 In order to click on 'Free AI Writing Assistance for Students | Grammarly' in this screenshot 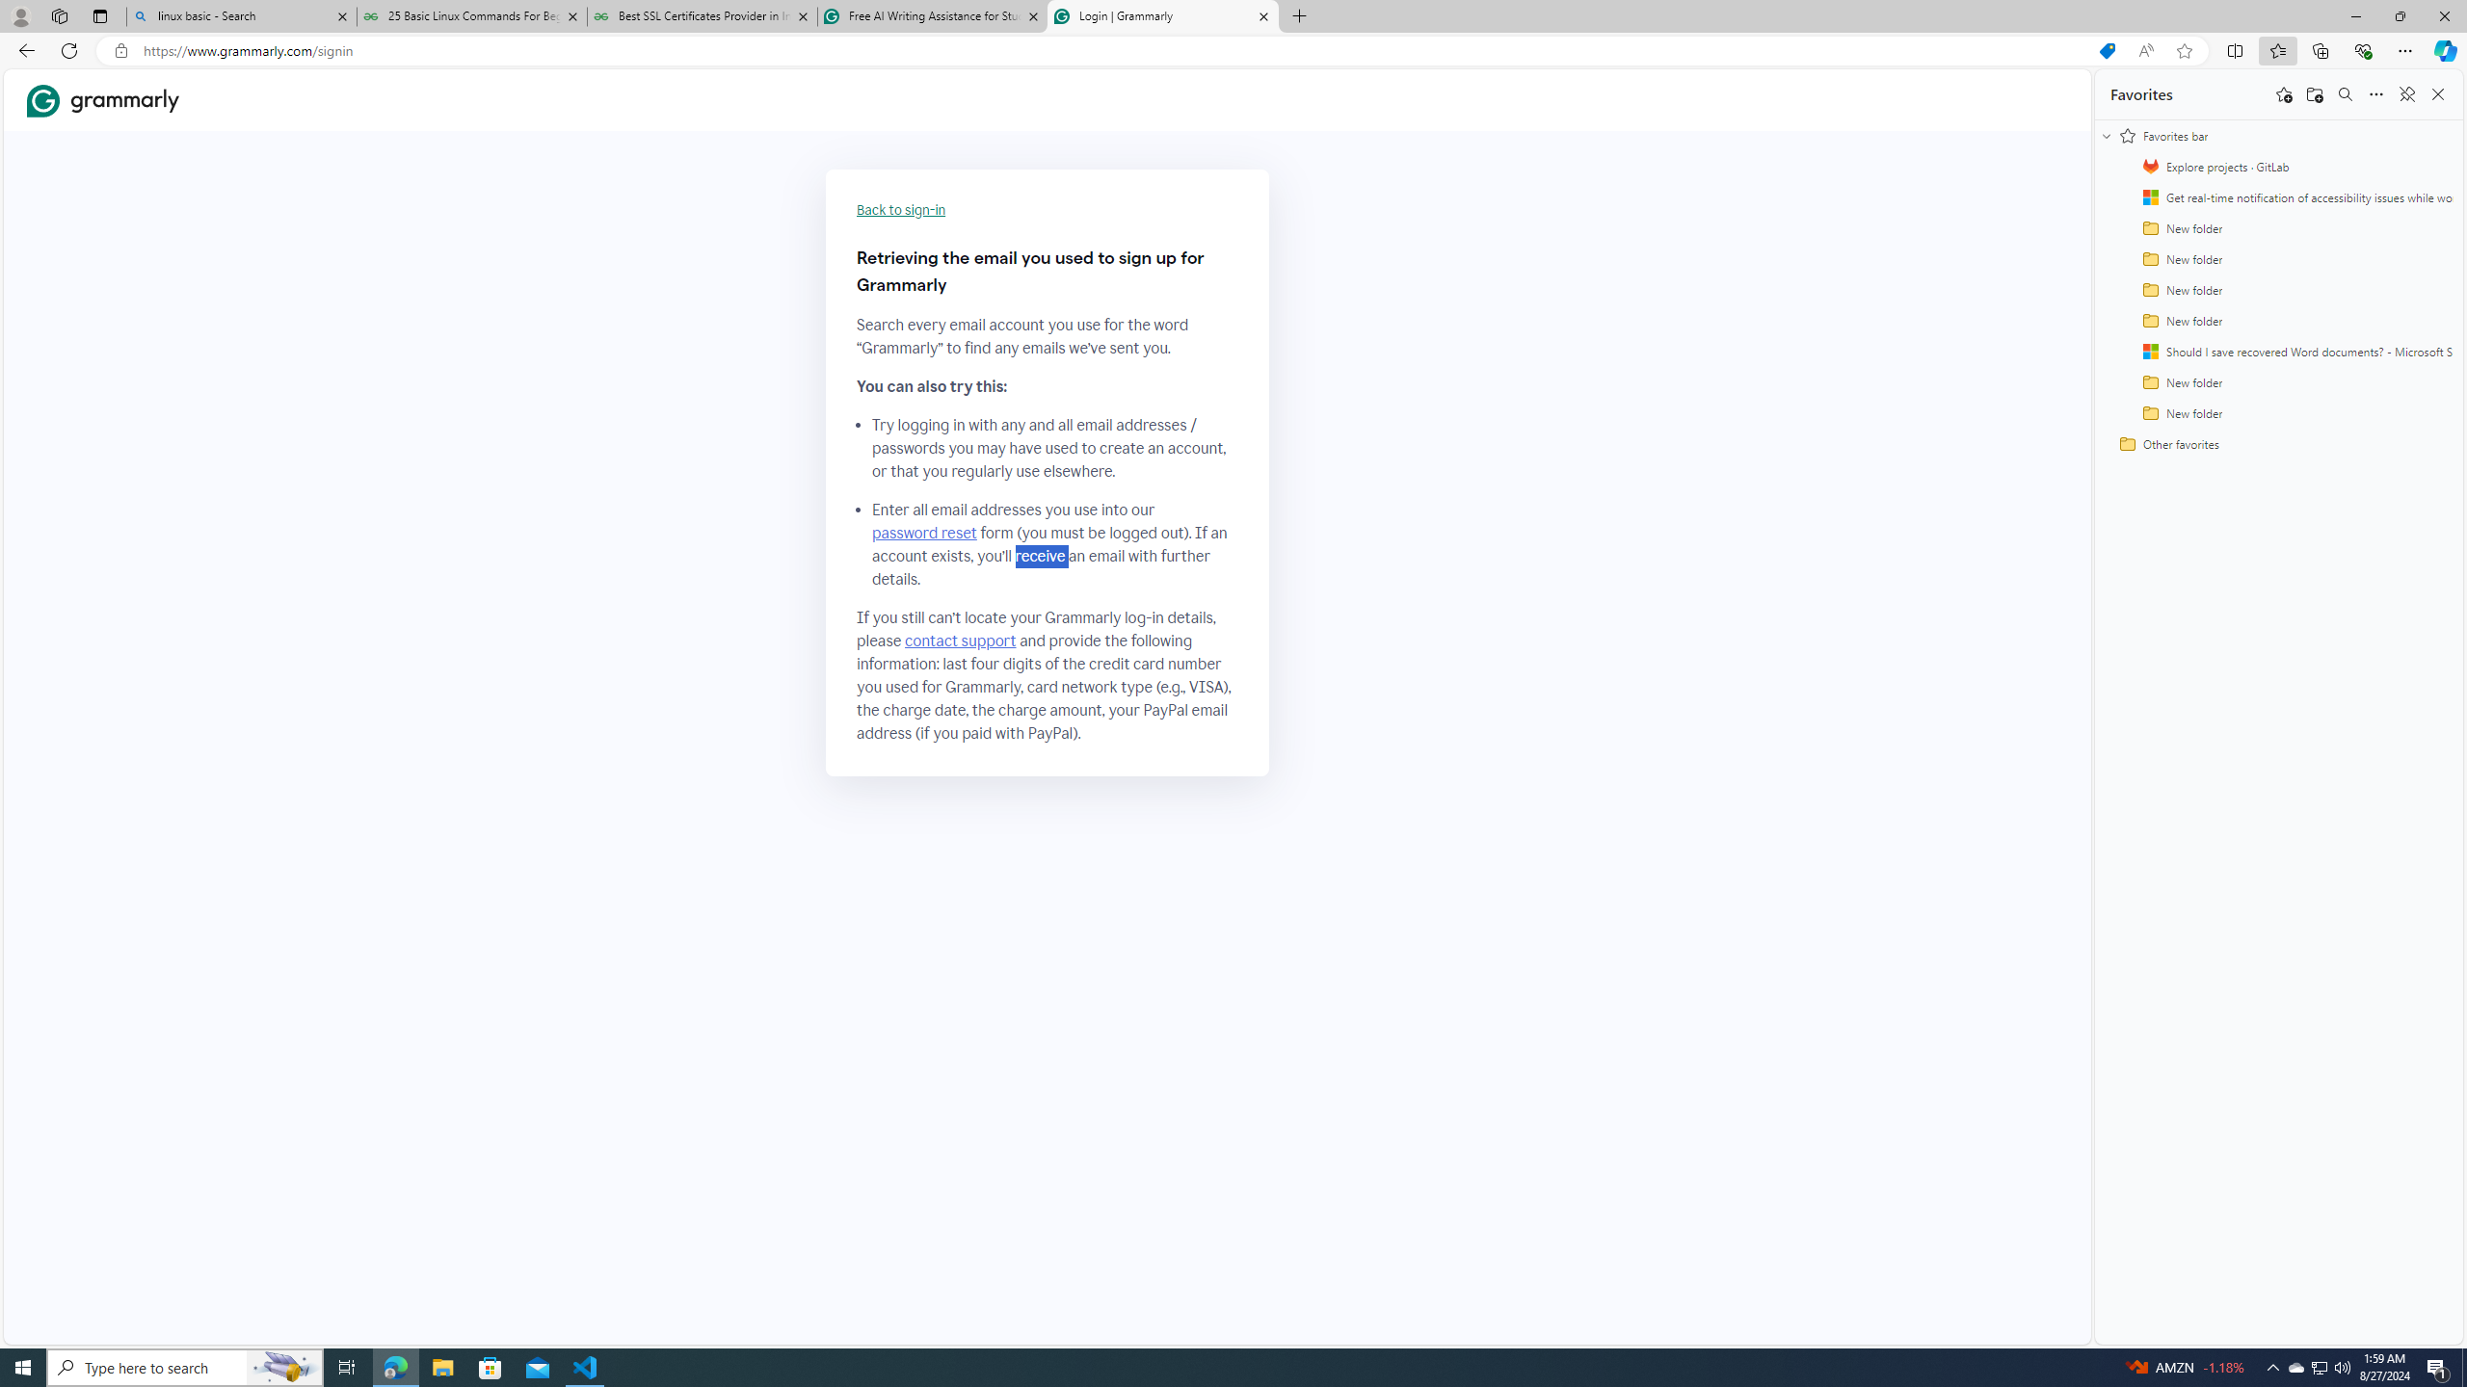, I will do `click(931, 15)`.